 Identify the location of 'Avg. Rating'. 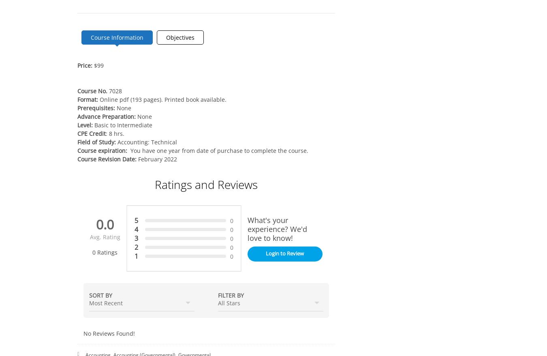
(104, 237).